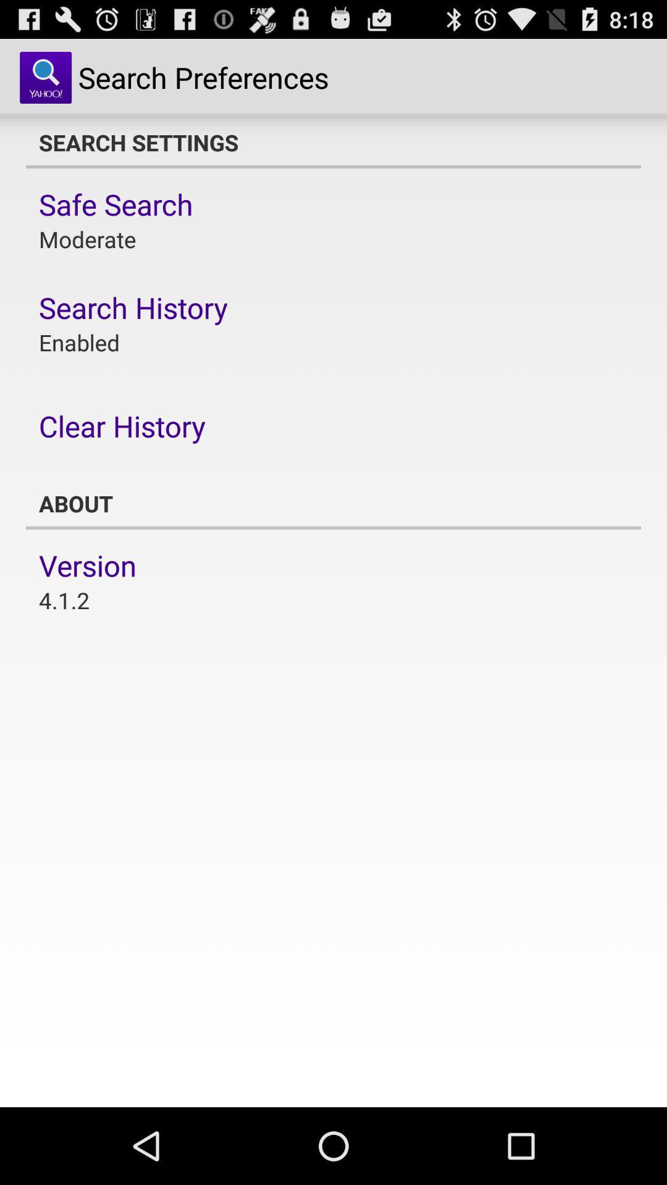 The width and height of the screenshot is (667, 1185). Describe the element at coordinates (333, 504) in the screenshot. I see `item below clear history` at that location.